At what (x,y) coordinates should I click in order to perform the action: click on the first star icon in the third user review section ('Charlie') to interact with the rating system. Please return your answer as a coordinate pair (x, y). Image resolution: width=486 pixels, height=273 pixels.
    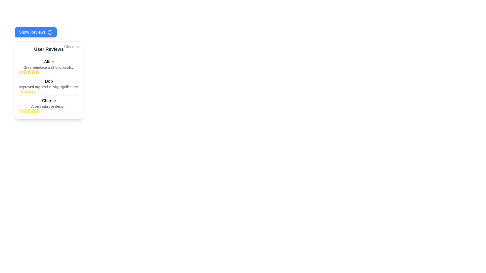
    Looking at the image, I should click on (21, 111).